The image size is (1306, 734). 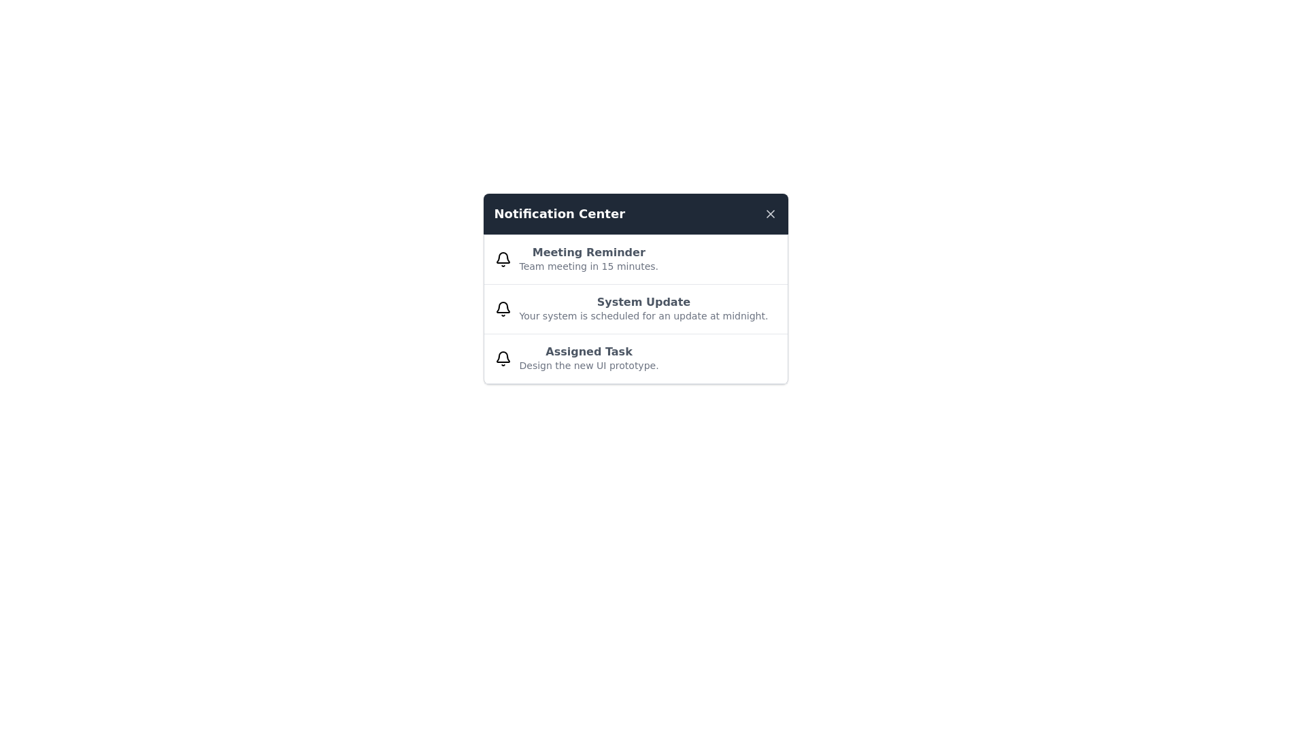 What do you see at coordinates (502, 309) in the screenshot?
I see `the bell icon in the notification panel, which is styled with a thin outline and is positioned to the left of the 'System Update' text` at bounding box center [502, 309].